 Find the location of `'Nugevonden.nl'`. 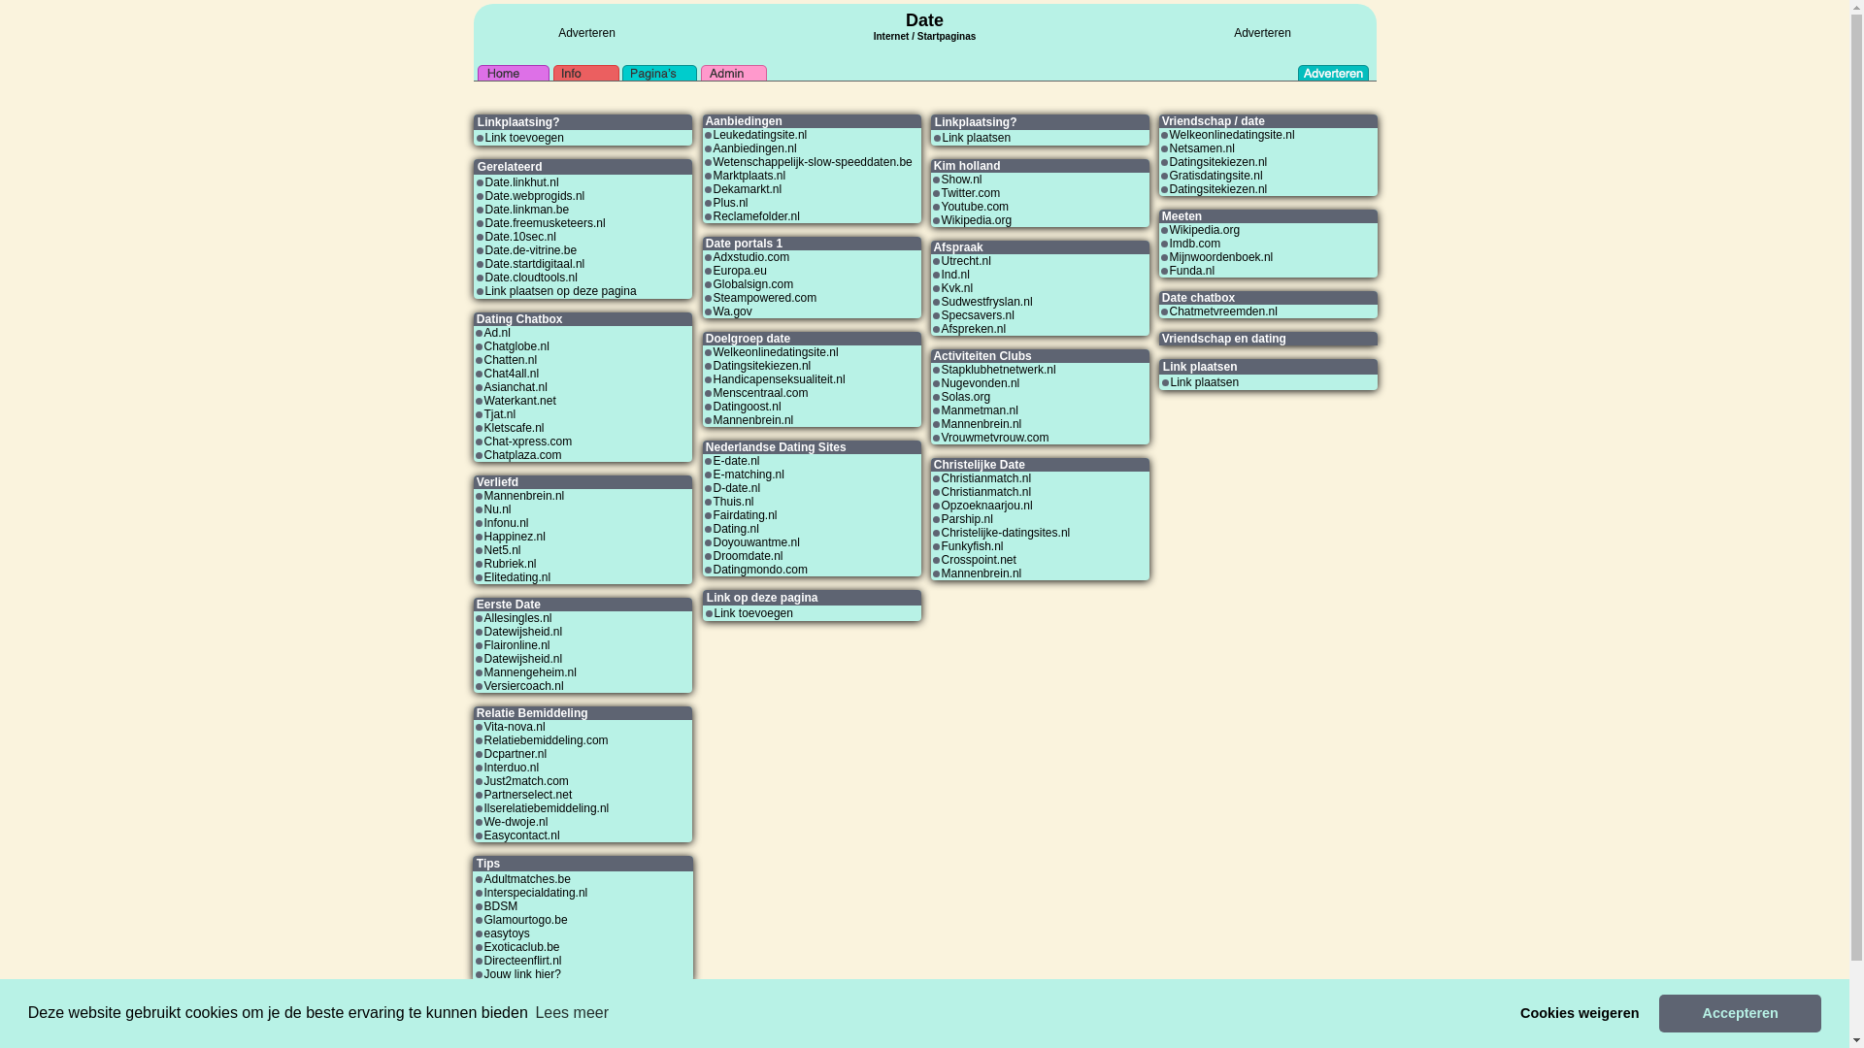

'Nugevonden.nl' is located at coordinates (981, 382).